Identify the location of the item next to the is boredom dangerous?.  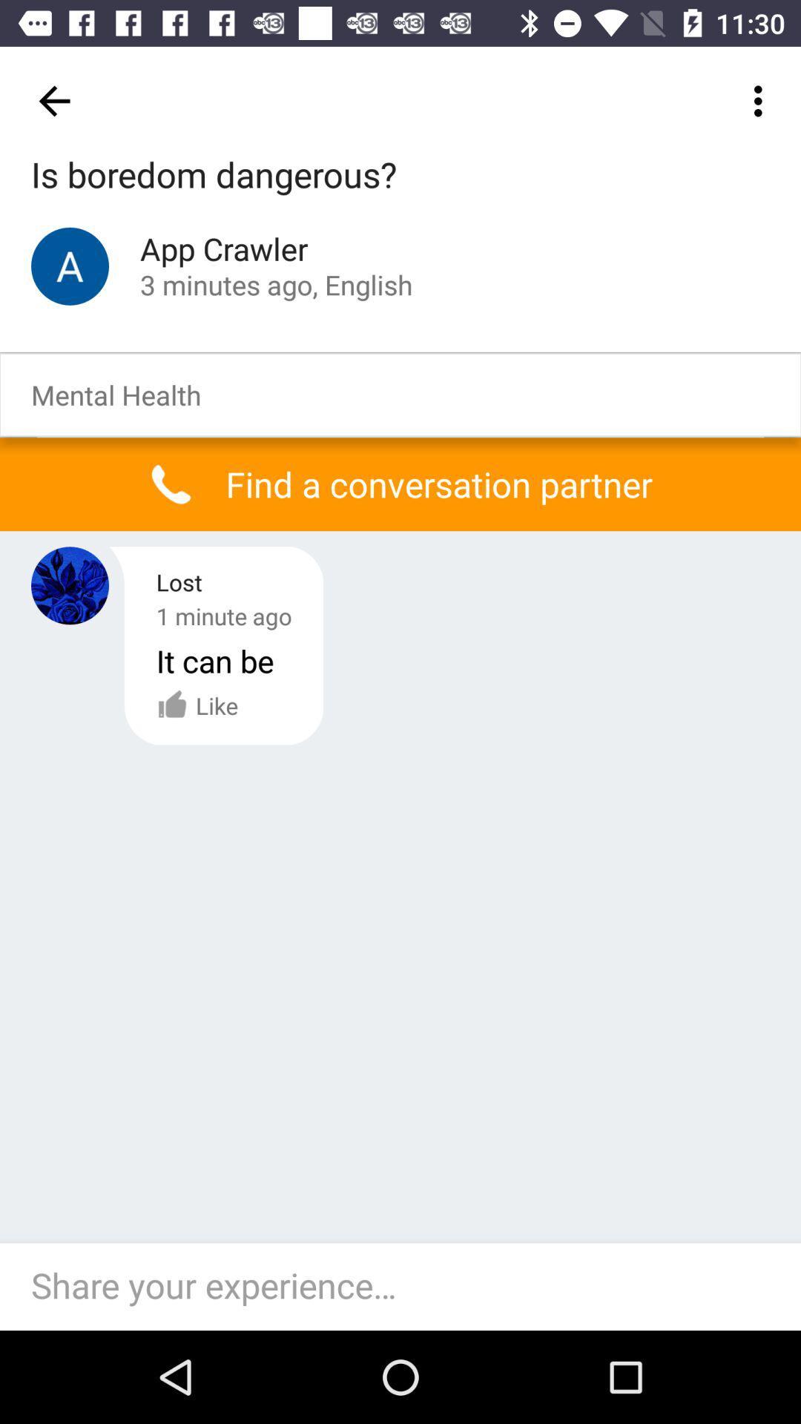
(762, 100).